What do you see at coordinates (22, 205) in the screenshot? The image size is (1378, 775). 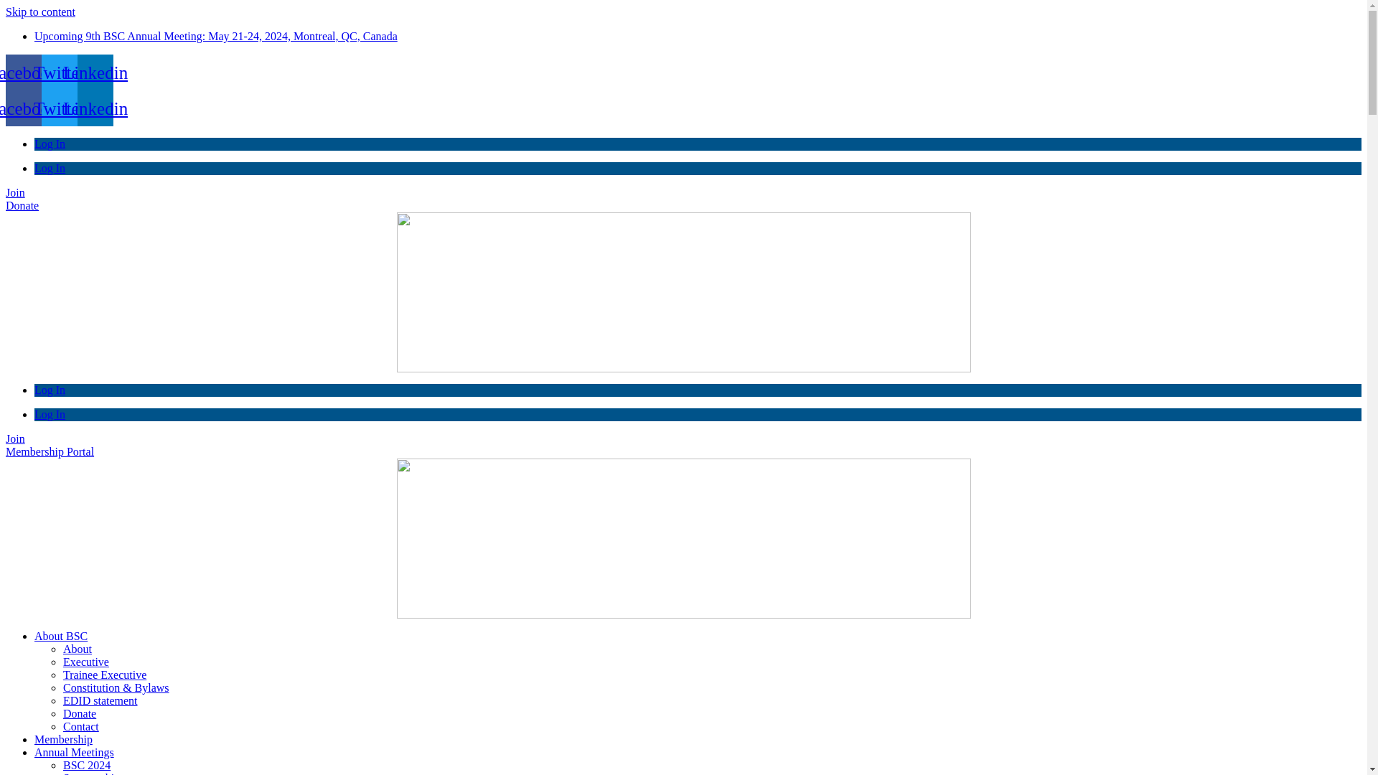 I see `'Donate'` at bounding box center [22, 205].